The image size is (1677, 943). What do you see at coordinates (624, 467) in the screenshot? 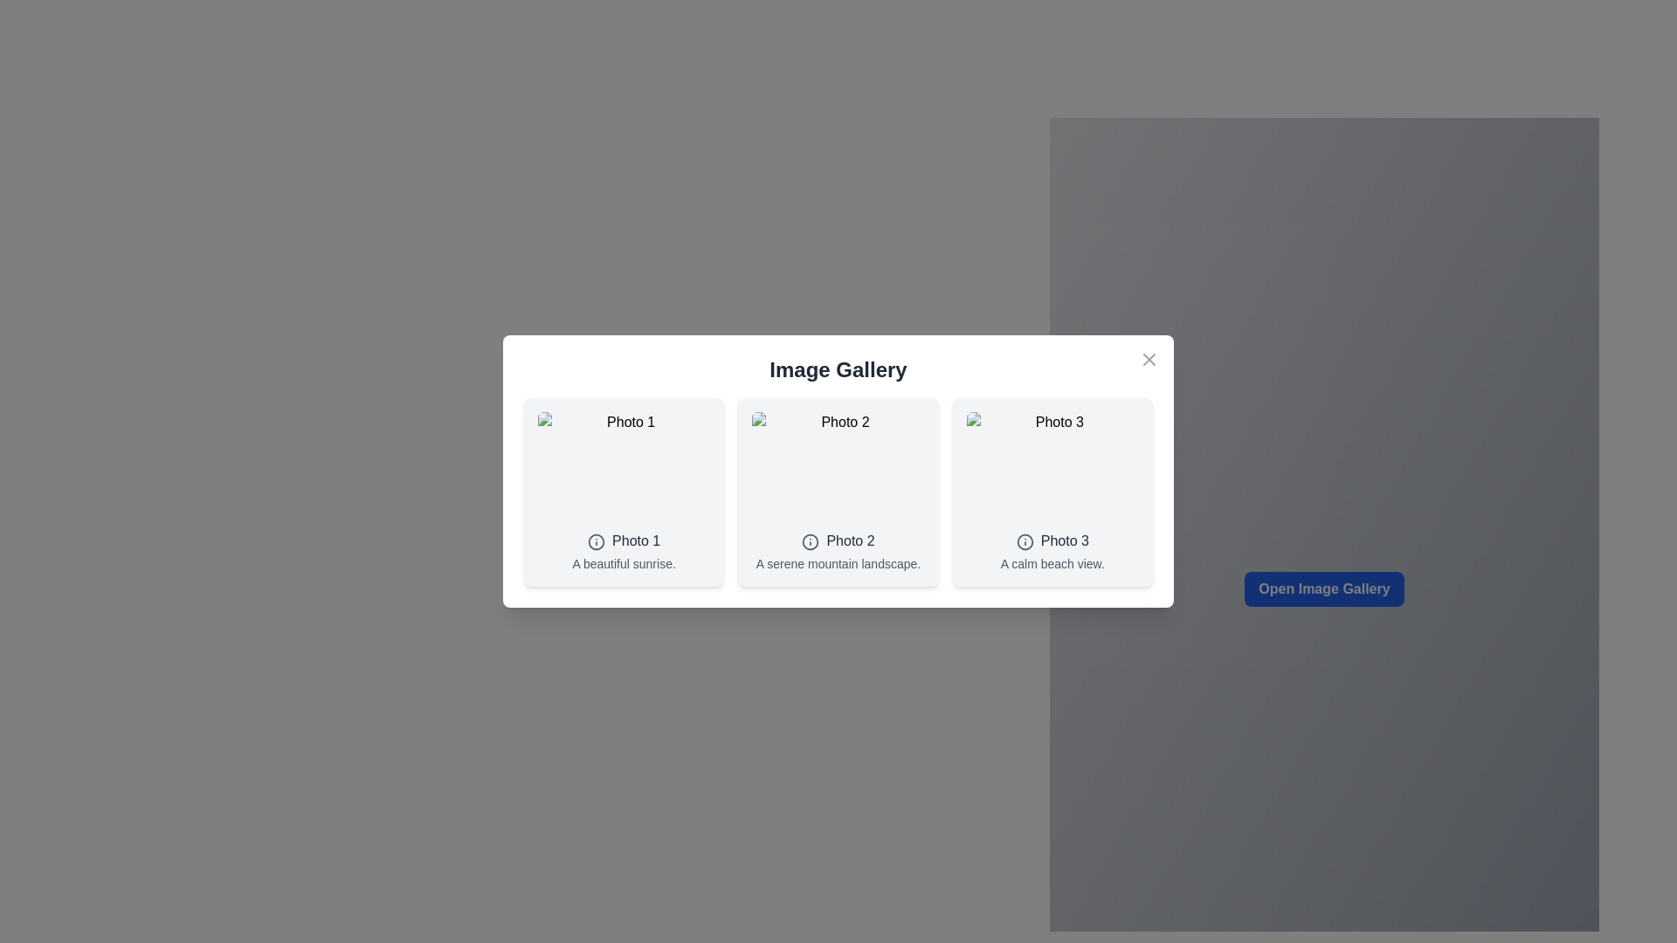
I see `the first image` at bounding box center [624, 467].